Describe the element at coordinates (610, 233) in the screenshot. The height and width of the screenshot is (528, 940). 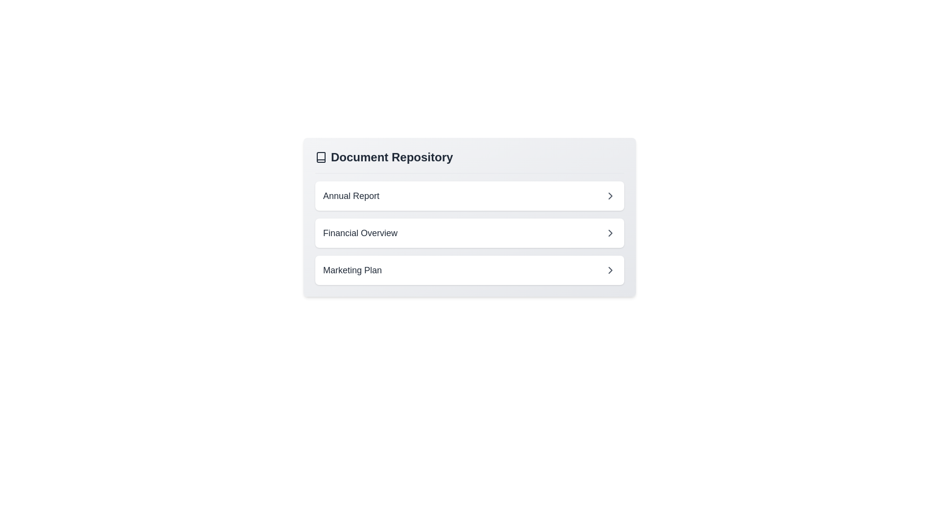
I see `the rightward-pointing chevron arrow icon located in the 'Financial Overview' list item of the 'Document Repository' section` at that location.